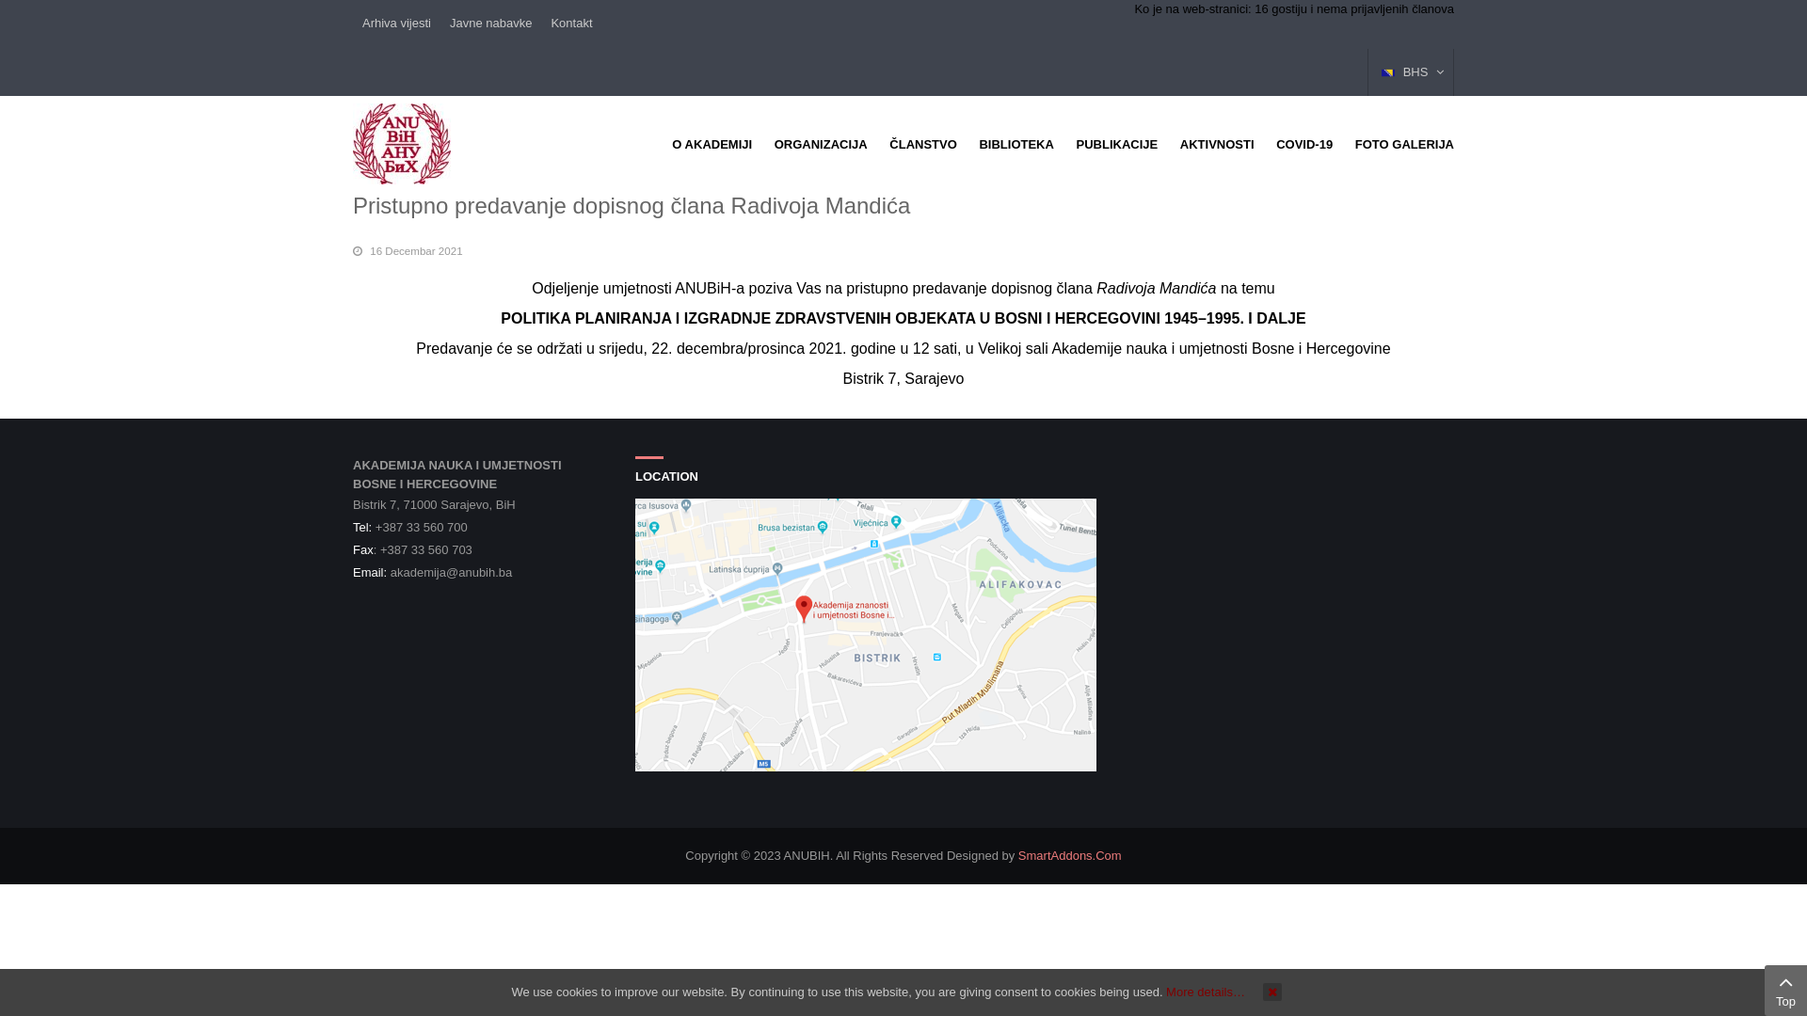 This screenshot has width=1807, height=1016. What do you see at coordinates (540, 23) in the screenshot?
I see `'Kontakt'` at bounding box center [540, 23].